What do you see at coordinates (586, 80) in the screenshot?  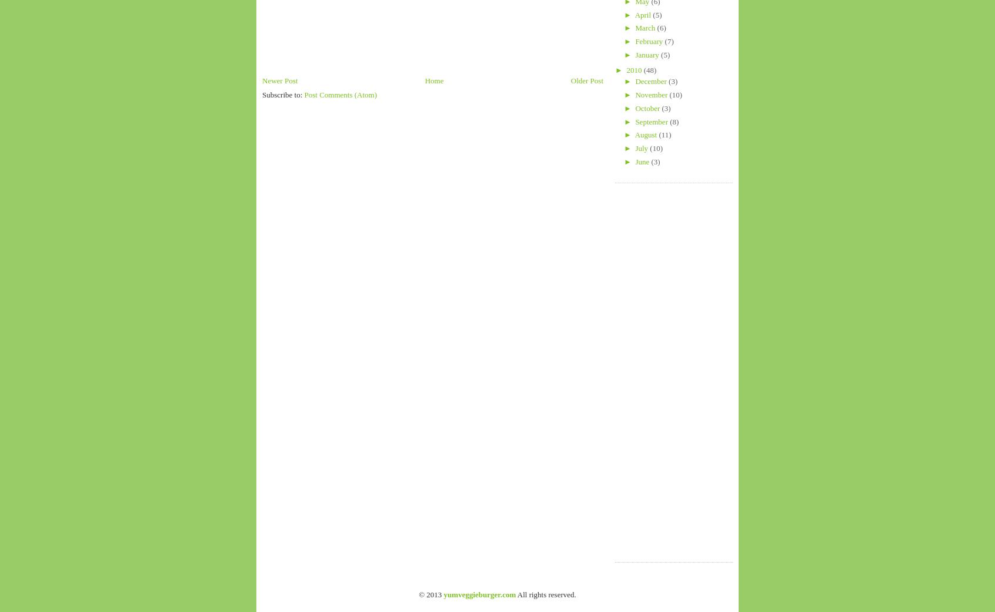 I see `'Older Post'` at bounding box center [586, 80].